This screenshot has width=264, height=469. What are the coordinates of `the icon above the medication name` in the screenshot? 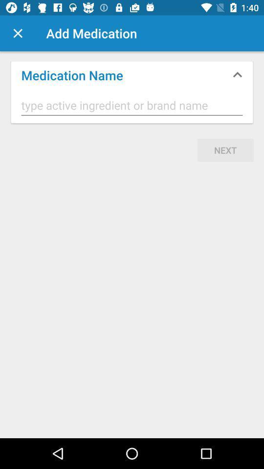 It's located at (18, 33).